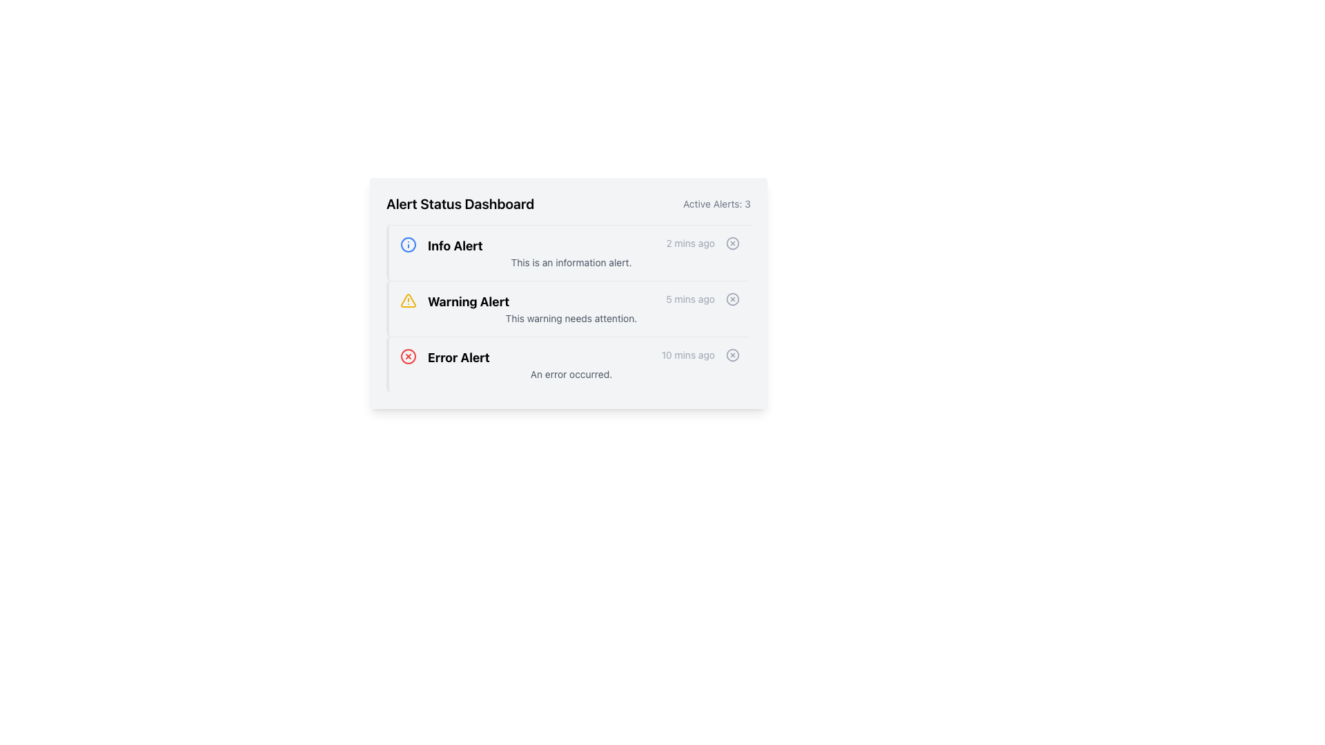 This screenshot has width=1325, height=745. What do you see at coordinates (569, 364) in the screenshot?
I see `alert message from the error notification alert box, which is the third alert in the vertical sequence below 'Warning Alert' and 'Info Alert'` at bounding box center [569, 364].